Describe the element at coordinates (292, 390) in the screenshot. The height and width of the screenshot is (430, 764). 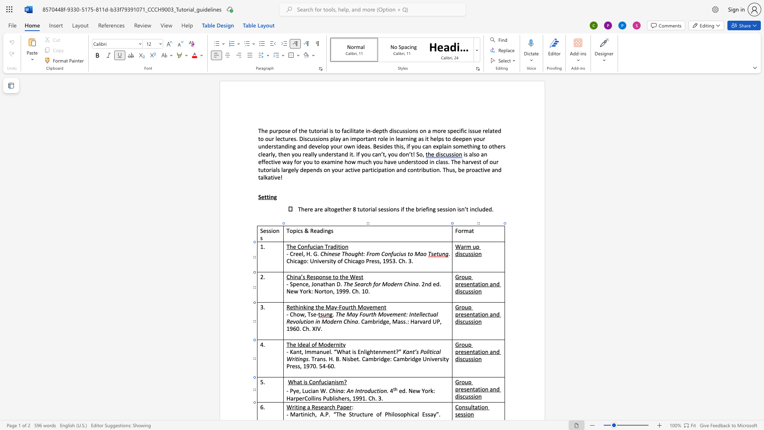
I see `the space between the continuous character "P" and "y" in the text` at that location.